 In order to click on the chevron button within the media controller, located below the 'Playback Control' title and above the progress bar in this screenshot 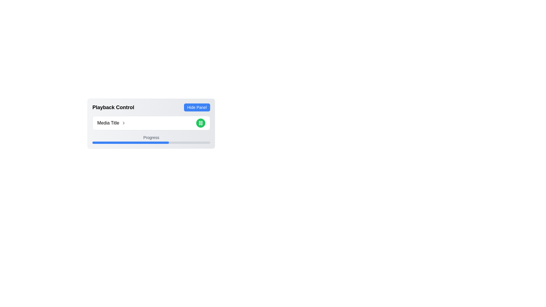, I will do `click(151, 130)`.